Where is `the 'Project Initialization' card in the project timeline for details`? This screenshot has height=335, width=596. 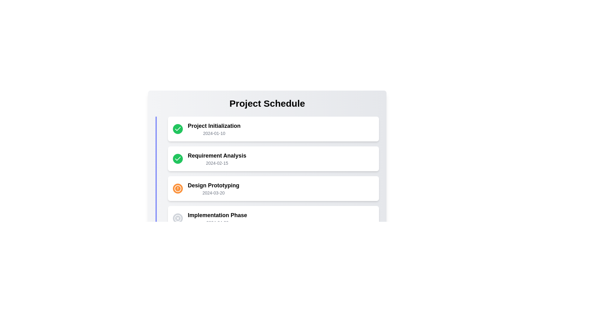 the 'Project Initialization' card in the project timeline for details is located at coordinates (273, 129).